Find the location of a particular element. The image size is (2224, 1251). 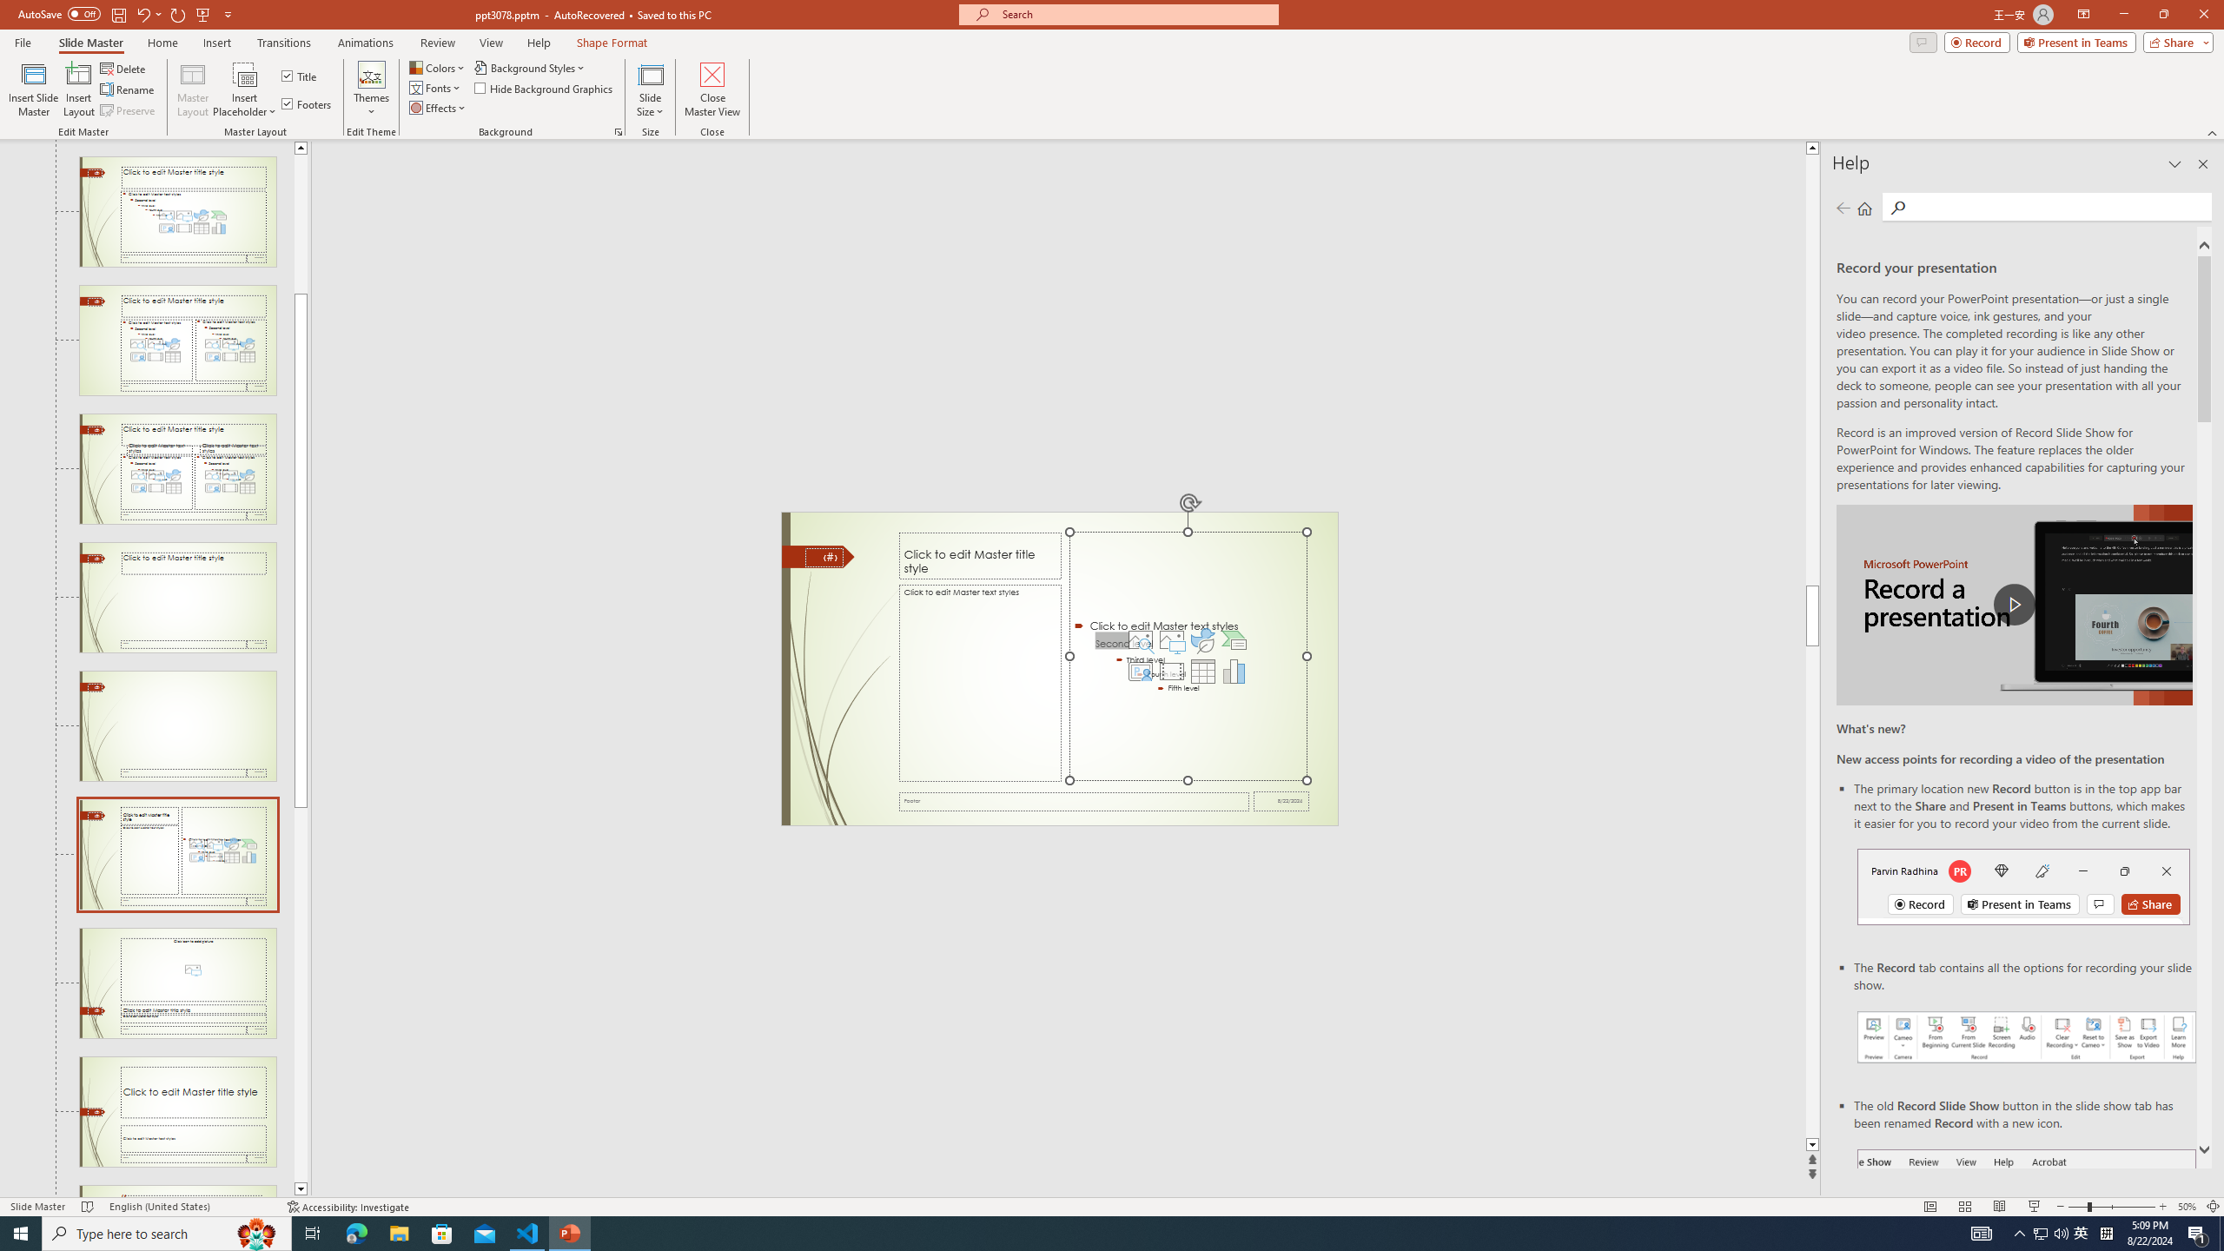

'Fonts' is located at coordinates (436, 86).